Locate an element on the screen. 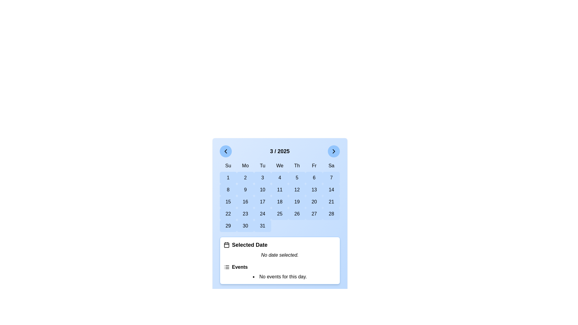  the button representing the 29th day of March 2025 in the calendar view is located at coordinates (228, 226).